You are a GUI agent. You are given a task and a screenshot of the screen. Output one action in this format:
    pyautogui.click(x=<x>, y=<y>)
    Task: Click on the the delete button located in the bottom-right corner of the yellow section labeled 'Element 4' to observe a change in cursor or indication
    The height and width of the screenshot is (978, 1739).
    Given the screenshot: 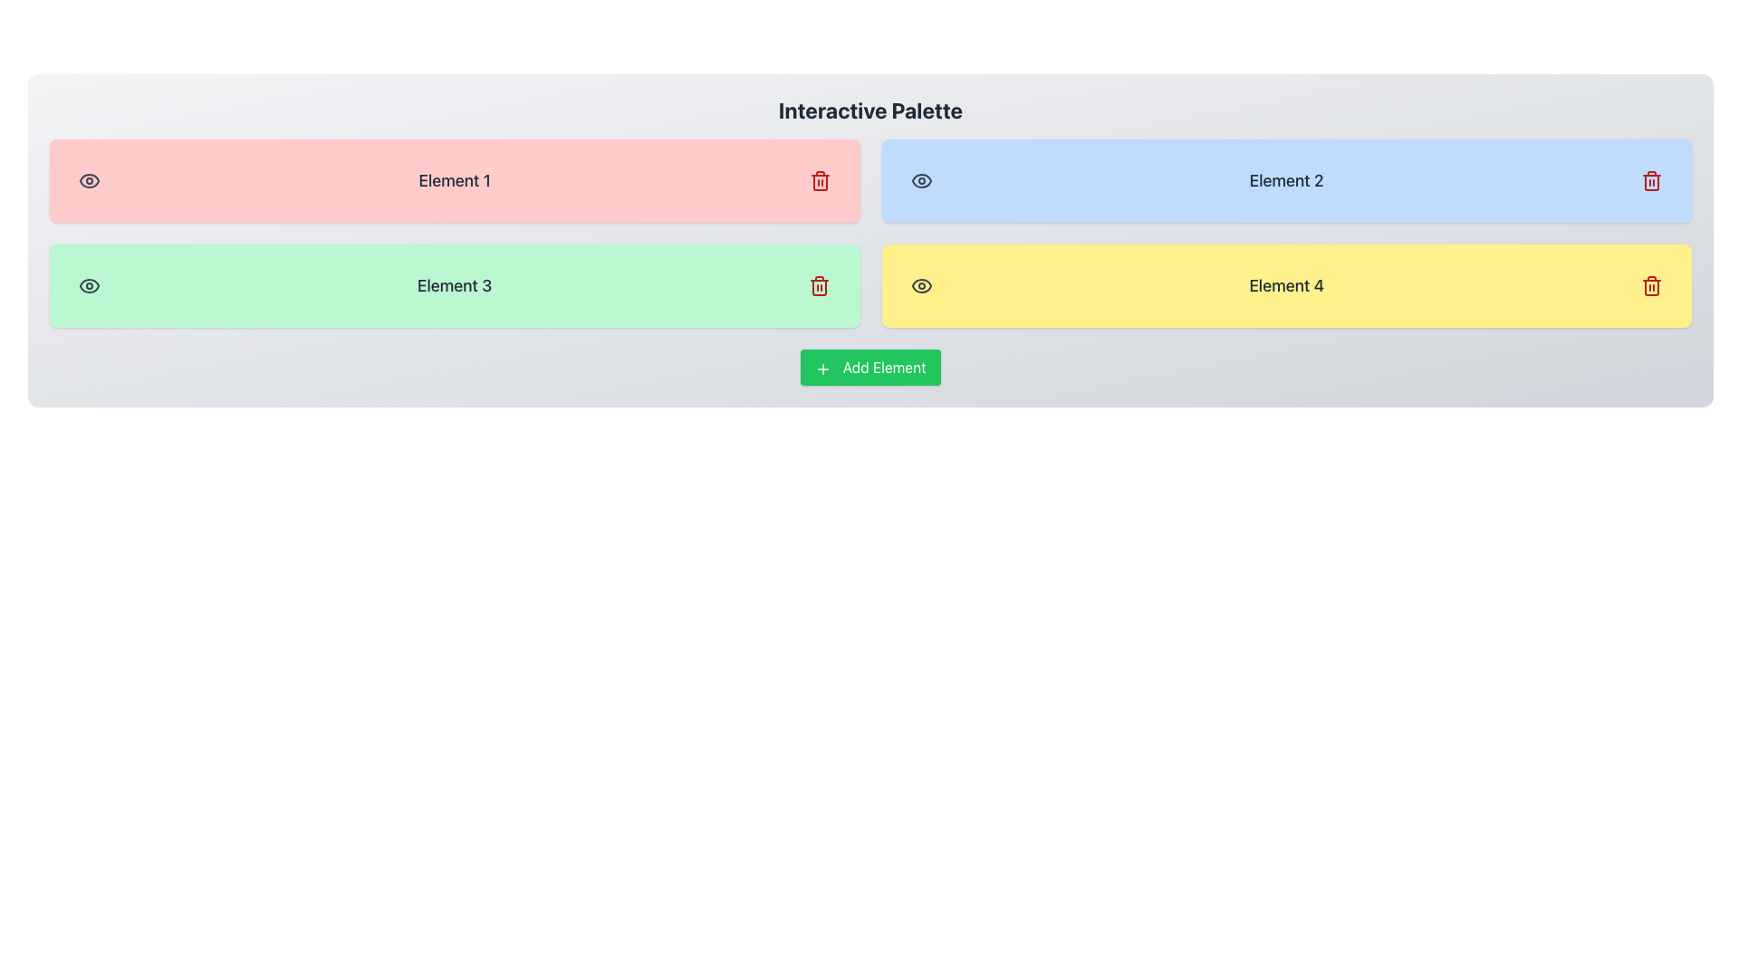 What is the action you would take?
    pyautogui.click(x=1652, y=285)
    